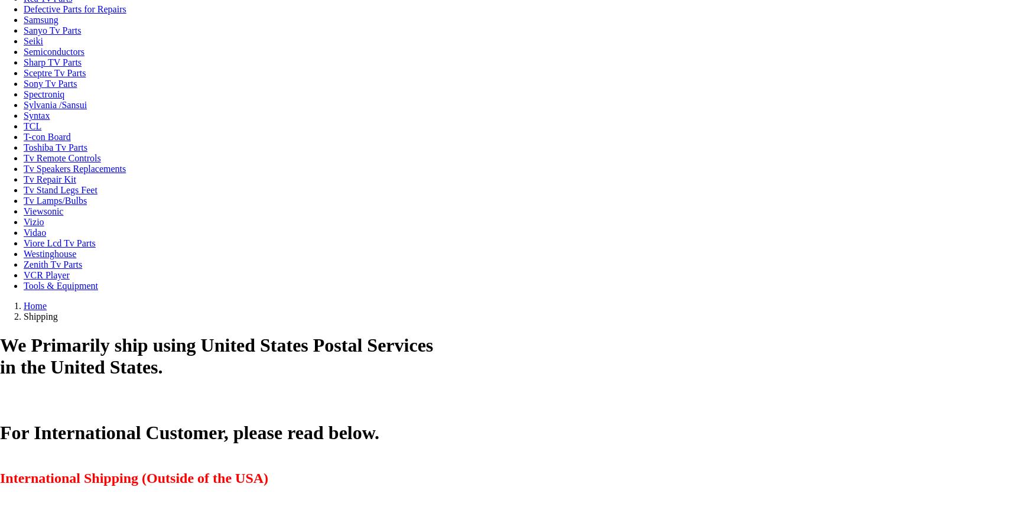  I want to click on 'Semiconductors', so click(54, 51).